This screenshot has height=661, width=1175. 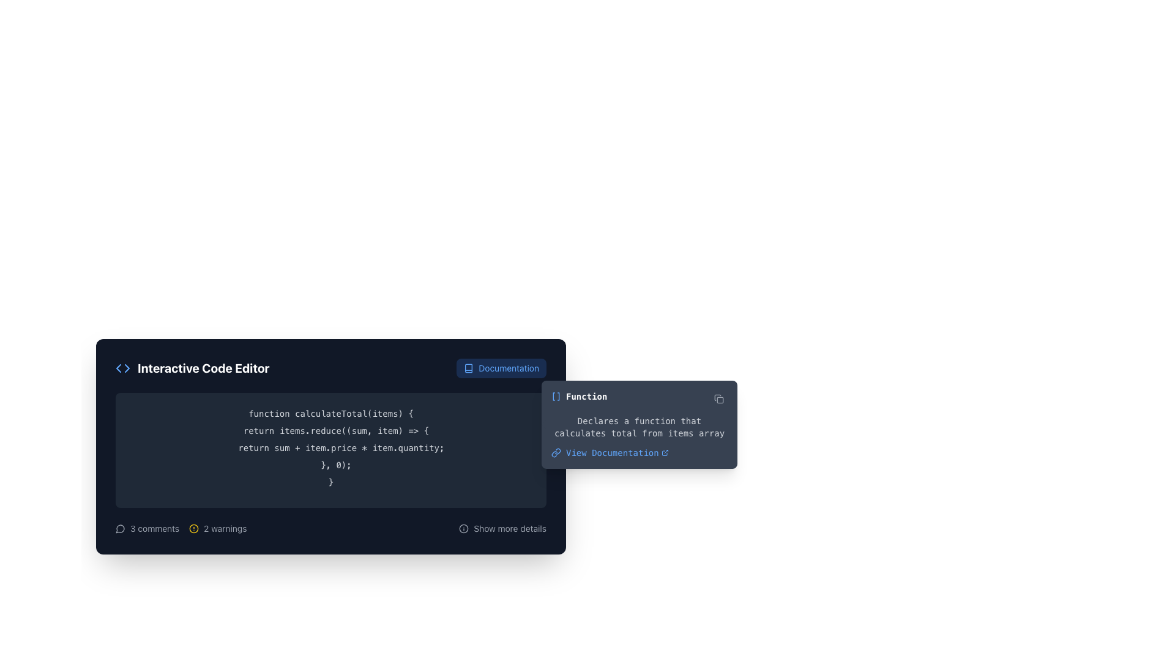 I want to click on the element that consists of a yellow warning circle icon followed by the text '2 warnings', located in the bottom-central part of the interface, to the right of the '3 comments' label, so click(x=218, y=528).